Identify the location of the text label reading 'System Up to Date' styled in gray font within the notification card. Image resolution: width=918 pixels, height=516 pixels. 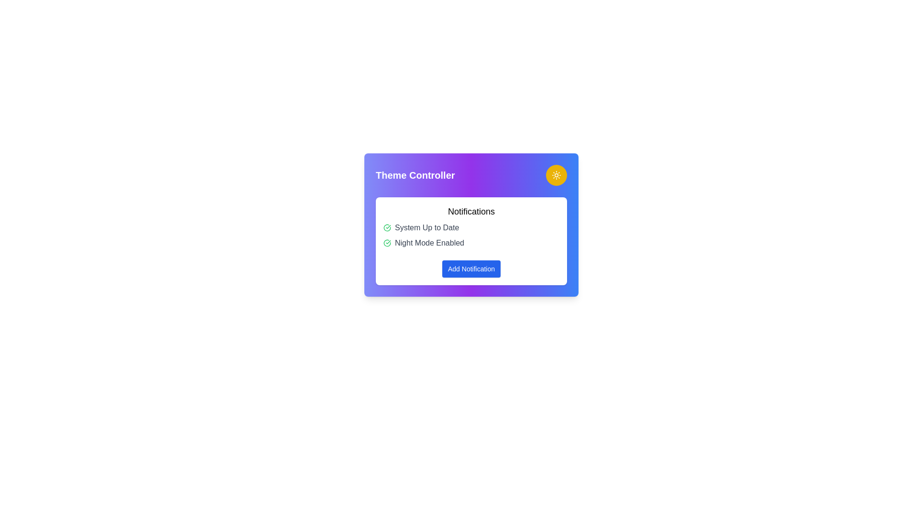
(426, 228).